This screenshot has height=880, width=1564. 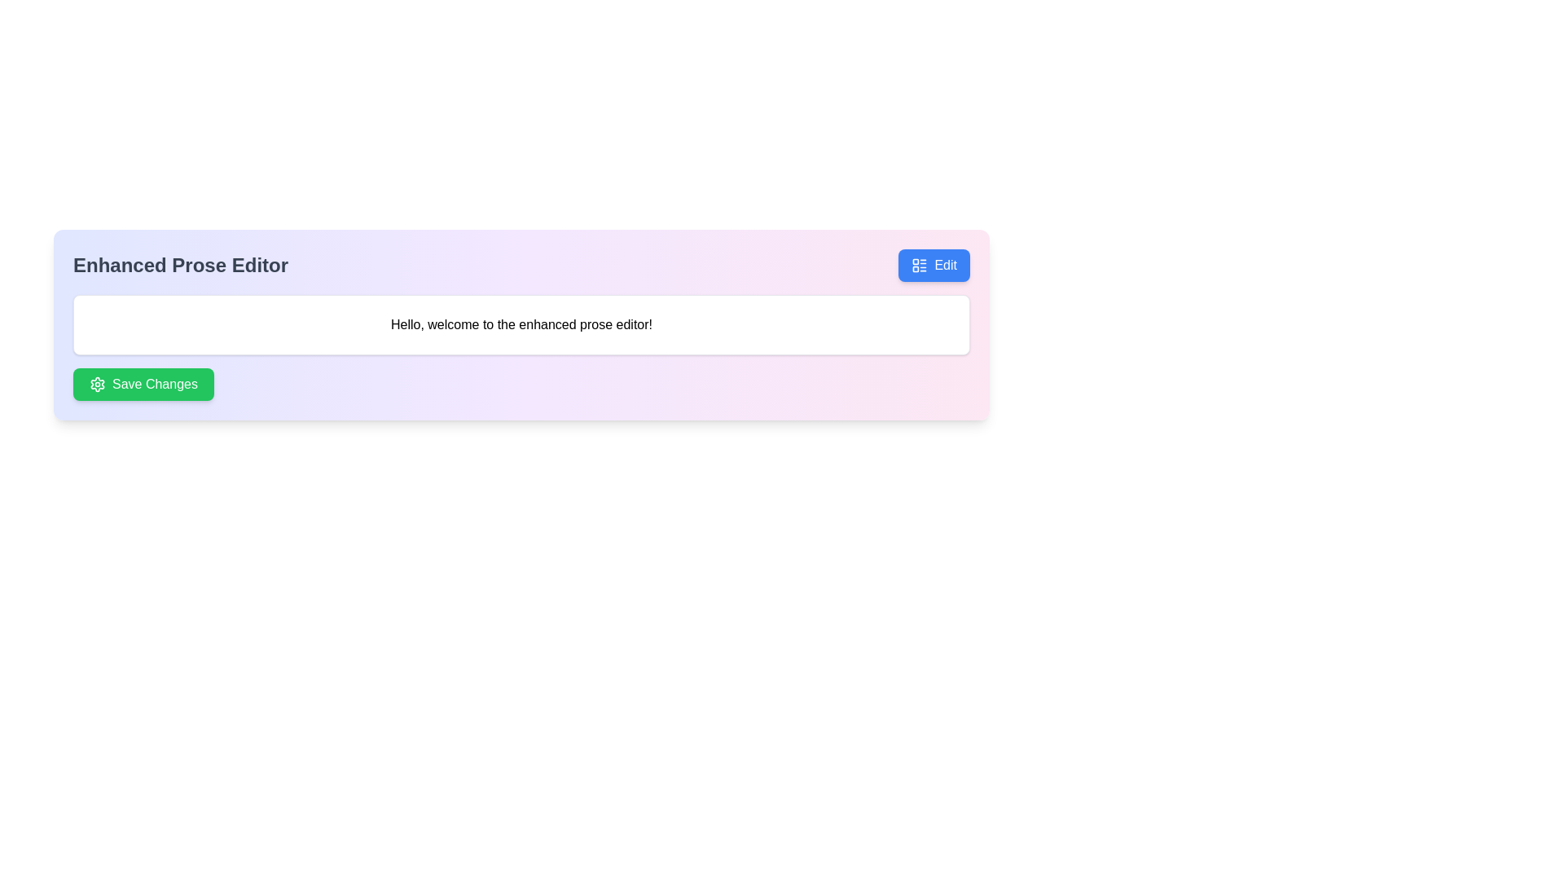 I want to click on the informational Message box that displays a greeting to the user, positioned between the title 'Enhanced Prose Editor' and the 'Save Changes' button, so click(x=521, y=324).